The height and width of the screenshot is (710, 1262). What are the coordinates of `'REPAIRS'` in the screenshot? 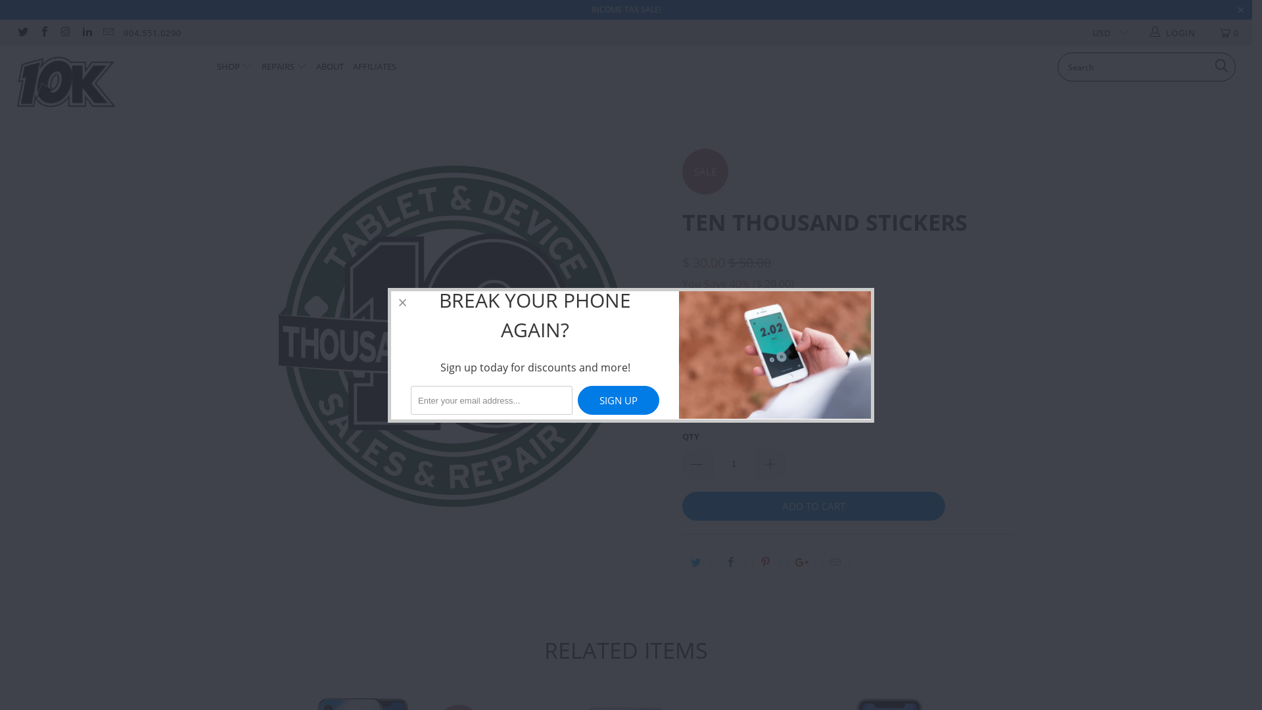 It's located at (283, 67).